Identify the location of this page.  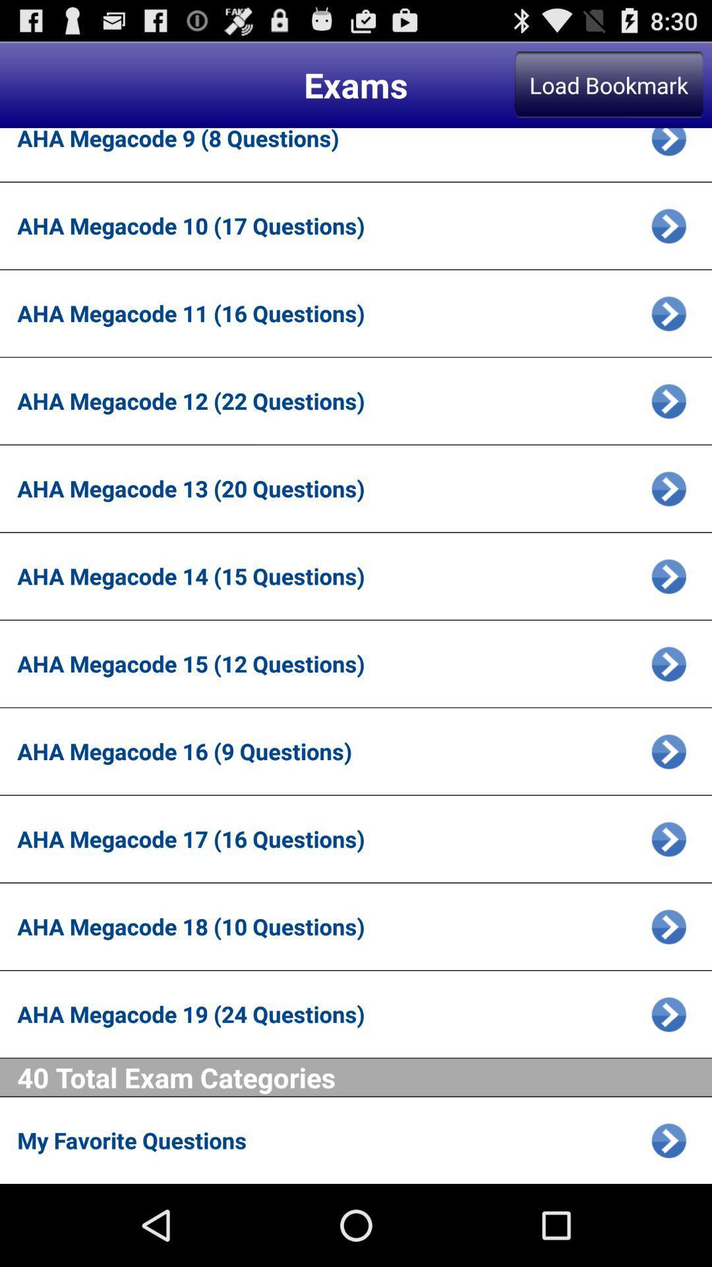
(668, 576).